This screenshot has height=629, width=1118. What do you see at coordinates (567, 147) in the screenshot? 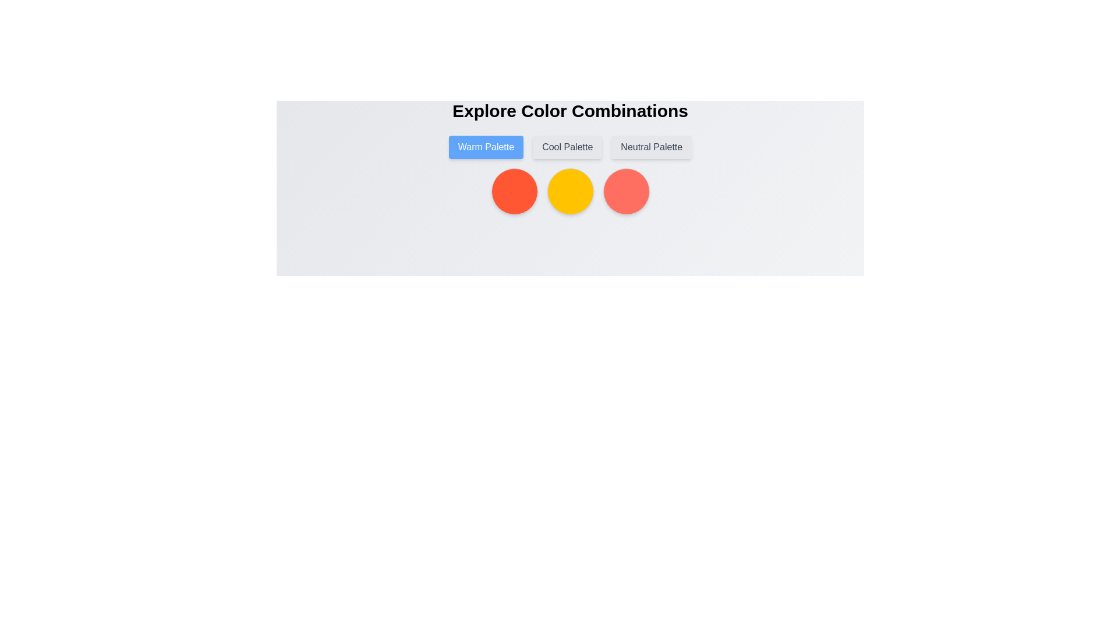
I see `the 'Cool Palette' button, which is the second button in a group below the headline 'Explore Color Combinations'` at bounding box center [567, 147].